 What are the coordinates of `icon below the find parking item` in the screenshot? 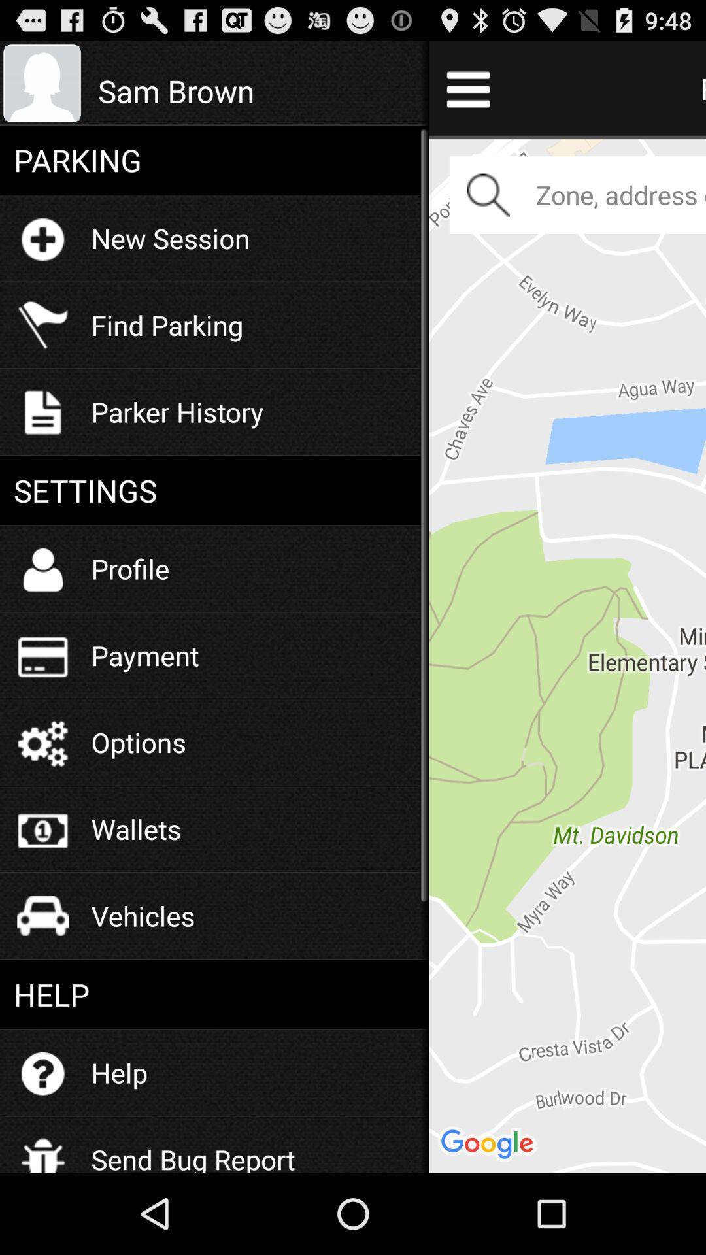 It's located at (177, 410).